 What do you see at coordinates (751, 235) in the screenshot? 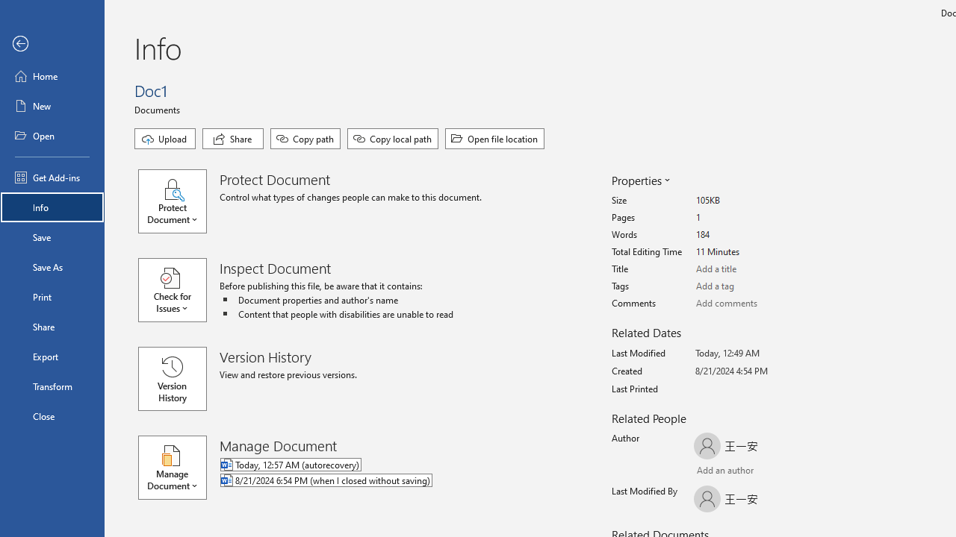
I see `'Words'` at bounding box center [751, 235].